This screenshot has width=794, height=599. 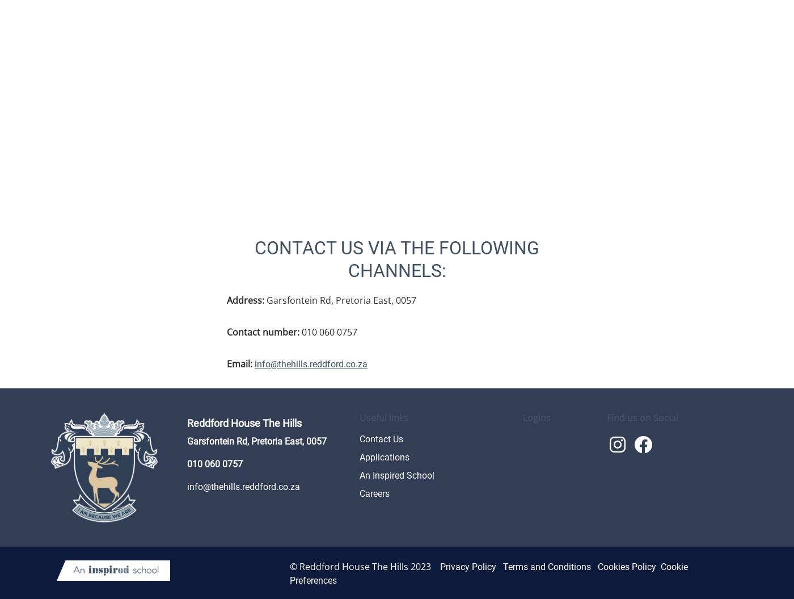 What do you see at coordinates (467, 566) in the screenshot?
I see `'Privacy Policy'` at bounding box center [467, 566].